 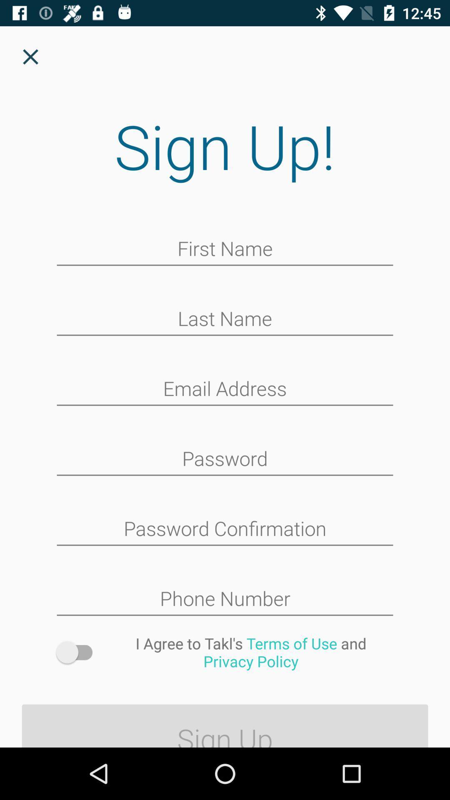 I want to click on space to enter email address, so click(x=225, y=389).